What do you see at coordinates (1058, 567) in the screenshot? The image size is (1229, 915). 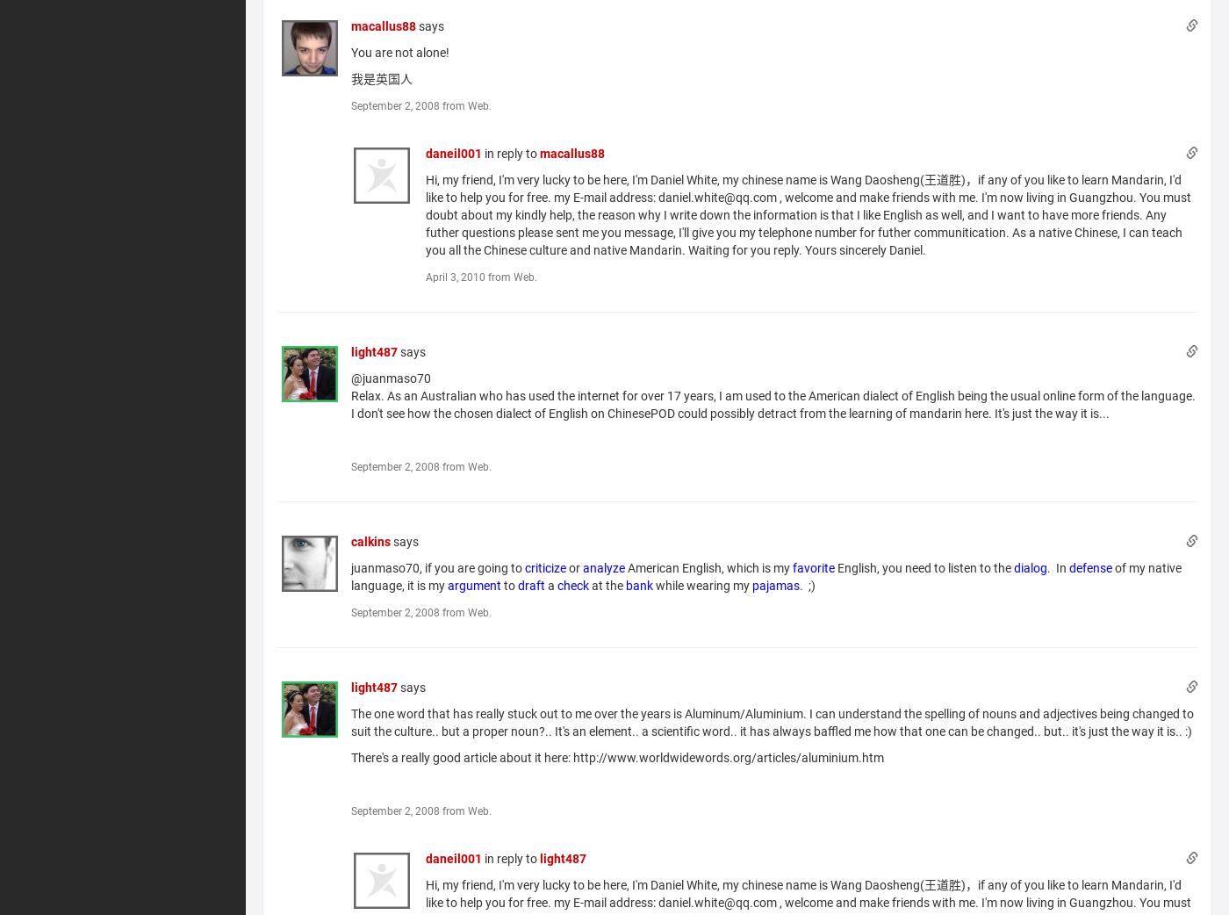 I see `'.  In'` at bounding box center [1058, 567].